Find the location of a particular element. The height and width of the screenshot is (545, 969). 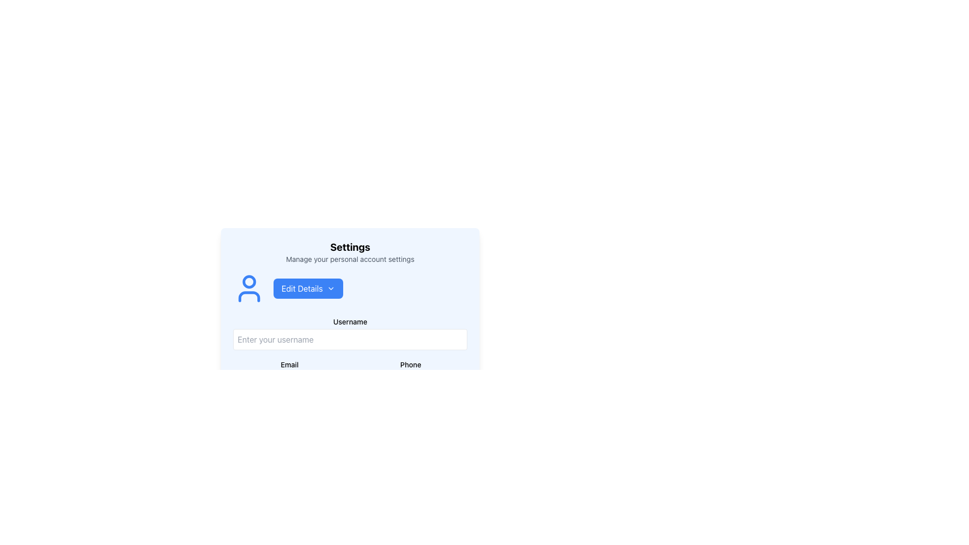

the label that indicates the email input field, which is positioned above the email entry field and below the username input field is located at coordinates (289, 364).